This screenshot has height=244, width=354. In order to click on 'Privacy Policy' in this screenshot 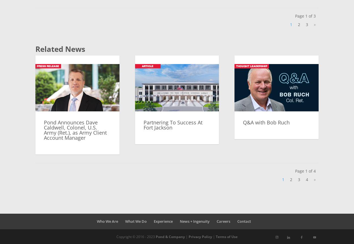, I will do `click(189, 236)`.